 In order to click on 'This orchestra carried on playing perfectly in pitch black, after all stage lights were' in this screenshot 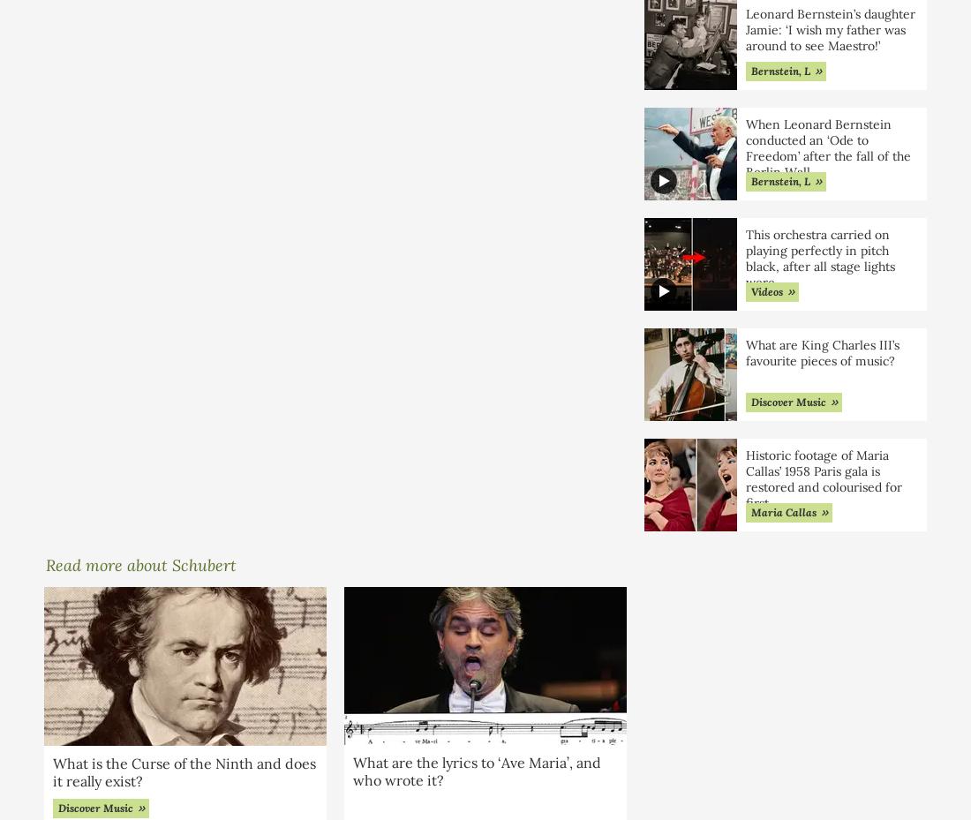, I will do `click(745, 257)`.